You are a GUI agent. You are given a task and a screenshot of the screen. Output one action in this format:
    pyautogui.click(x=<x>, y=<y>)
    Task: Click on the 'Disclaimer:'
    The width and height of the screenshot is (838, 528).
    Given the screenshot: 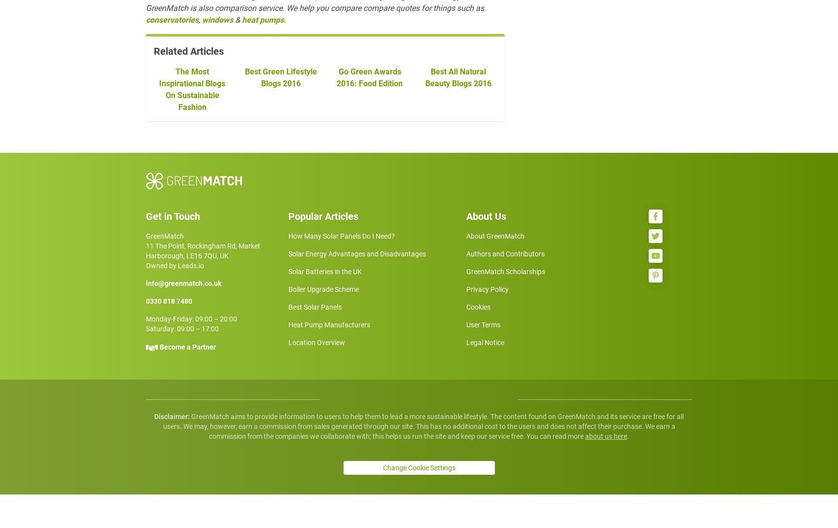 What is the action you would take?
    pyautogui.click(x=172, y=456)
    